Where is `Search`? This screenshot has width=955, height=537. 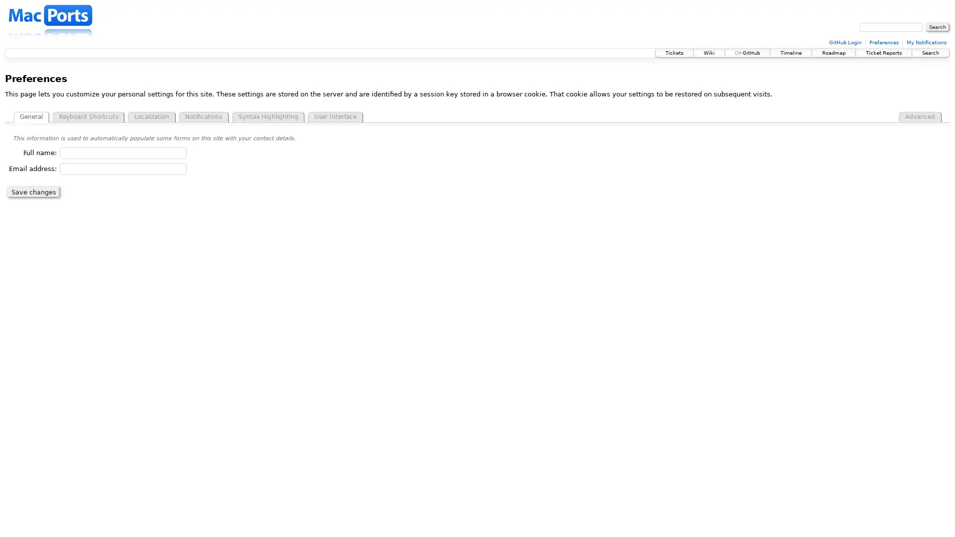 Search is located at coordinates (937, 26).